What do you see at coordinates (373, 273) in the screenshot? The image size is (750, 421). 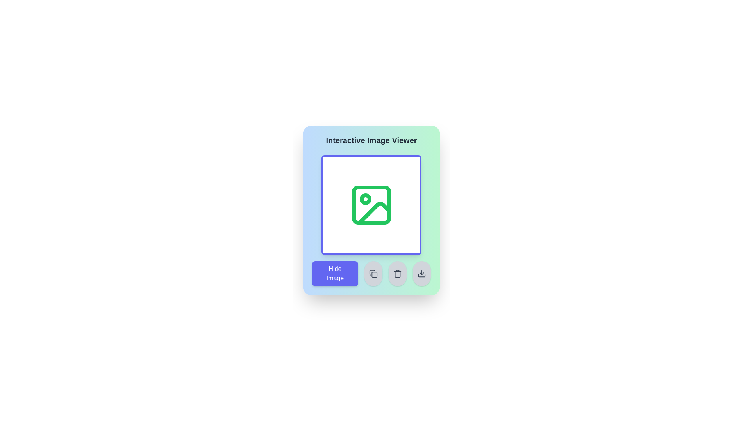 I see `the copy button to copy the displayed image` at bounding box center [373, 273].